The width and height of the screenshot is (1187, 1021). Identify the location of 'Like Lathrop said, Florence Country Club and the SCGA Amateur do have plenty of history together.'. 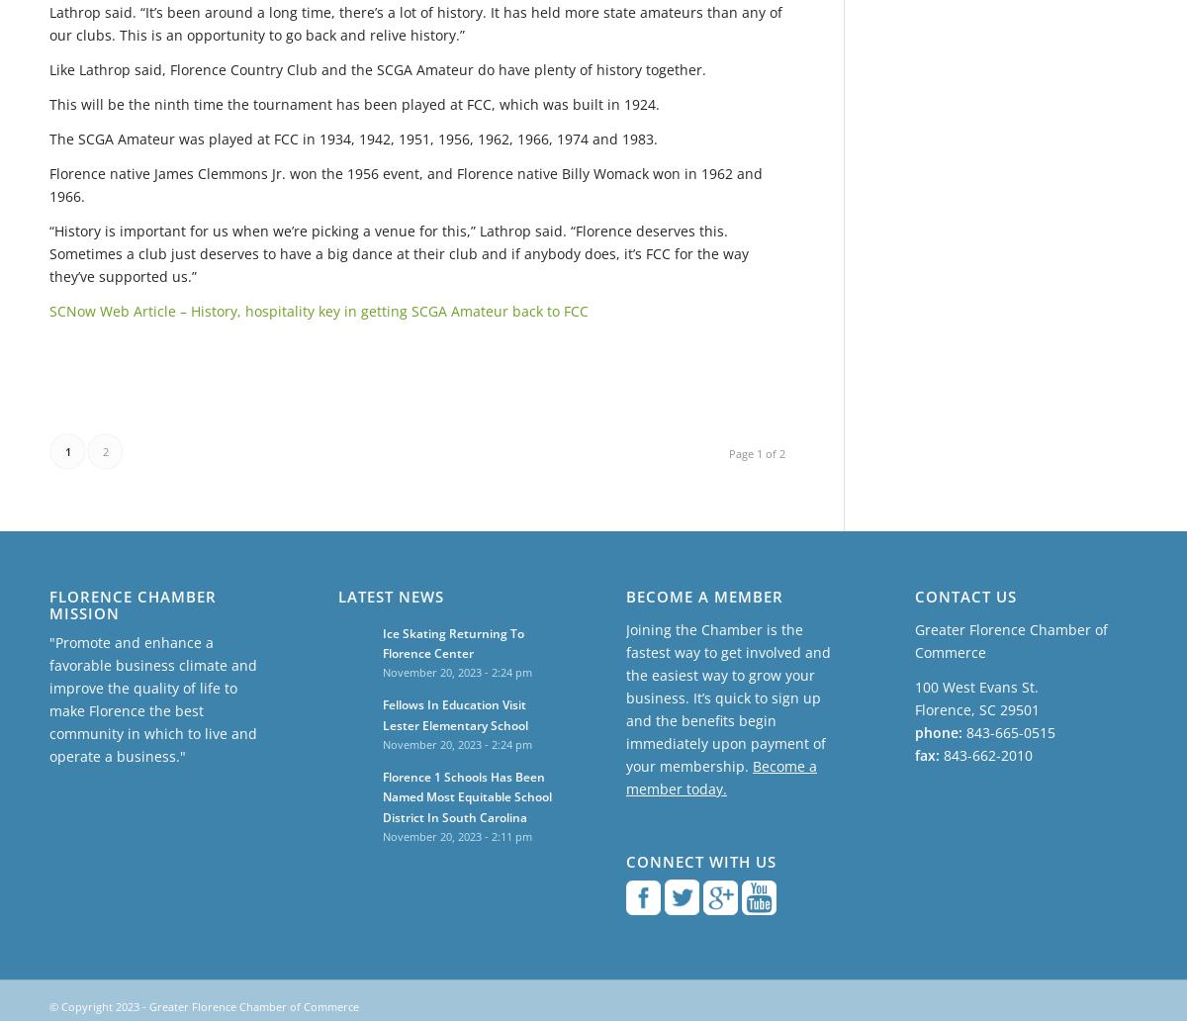
(377, 68).